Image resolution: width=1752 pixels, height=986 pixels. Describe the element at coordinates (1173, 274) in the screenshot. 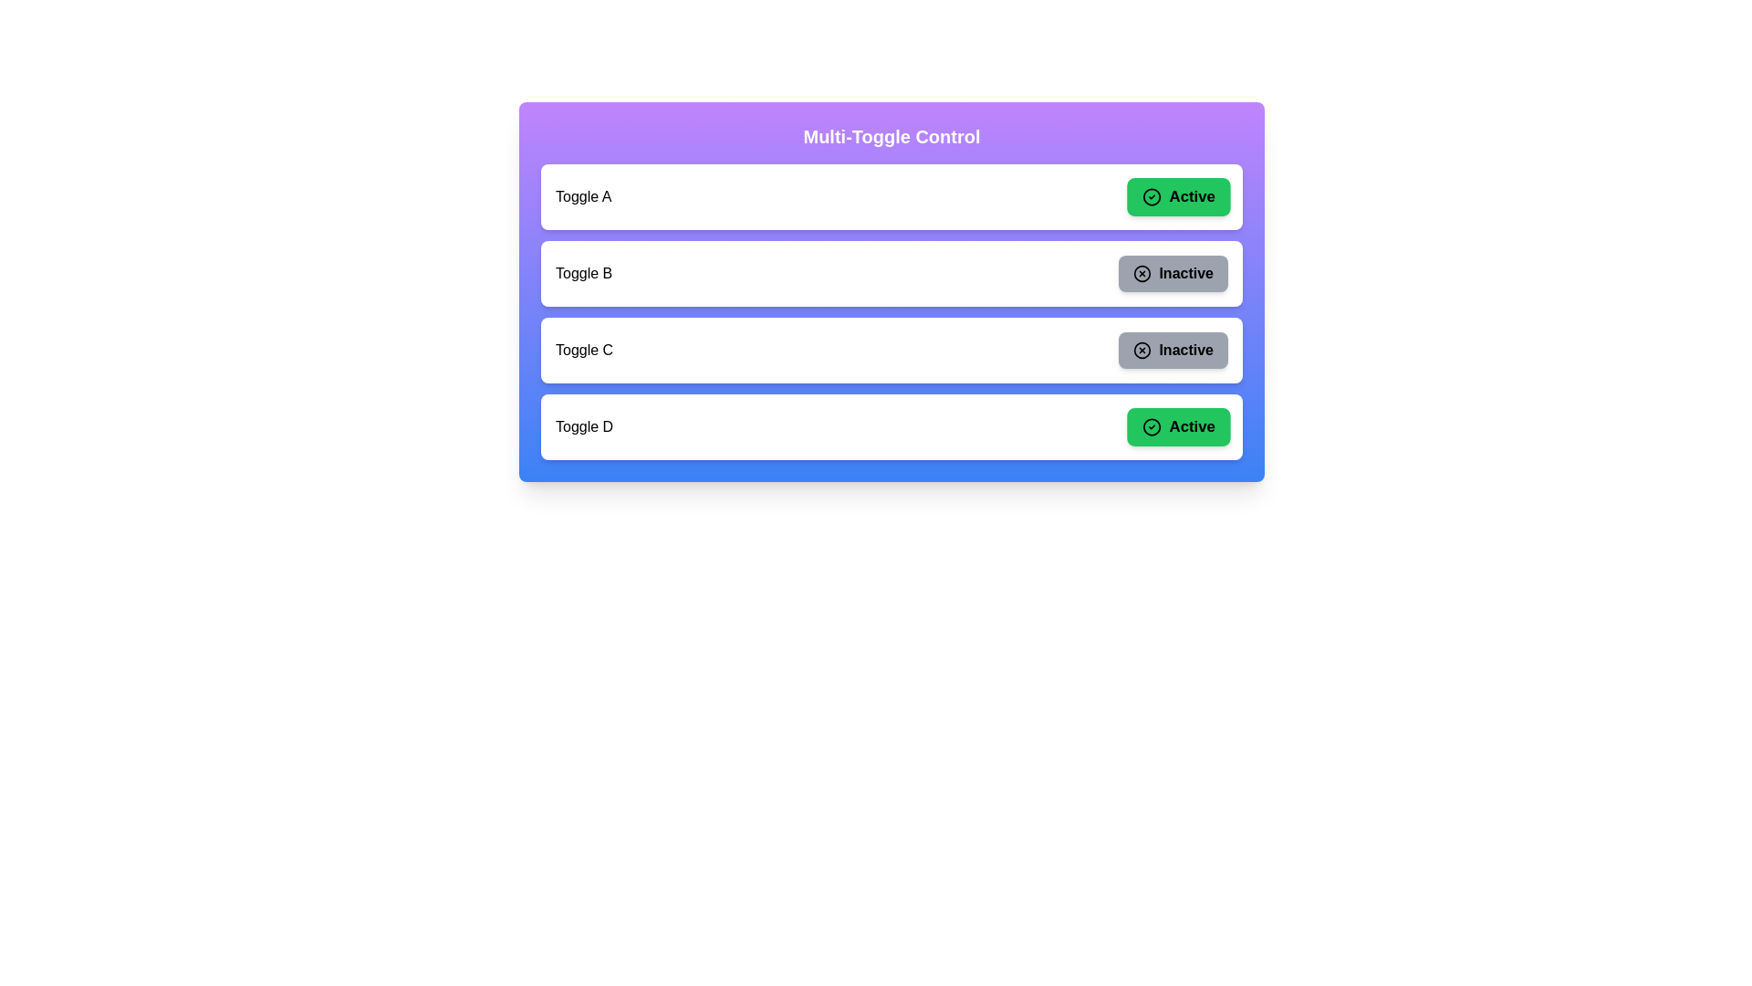

I see `the button labeled 'Inactive' with rounded edges and a cross icon` at that location.